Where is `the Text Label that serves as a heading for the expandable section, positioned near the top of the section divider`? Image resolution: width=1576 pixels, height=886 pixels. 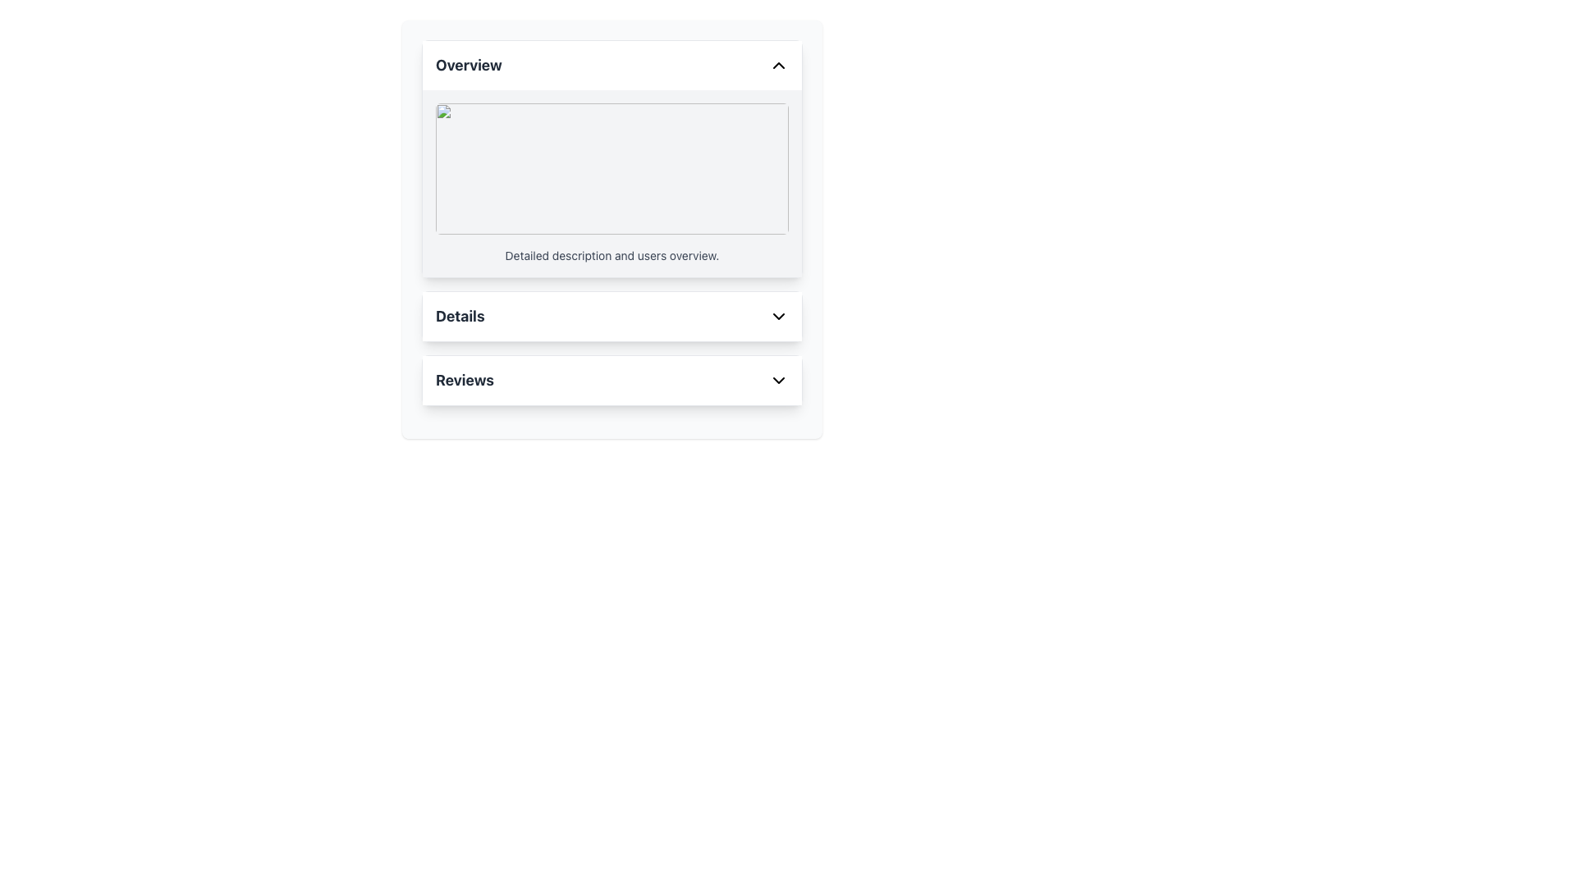
the Text Label that serves as a heading for the expandable section, positioned near the top of the section divider is located at coordinates (460, 316).